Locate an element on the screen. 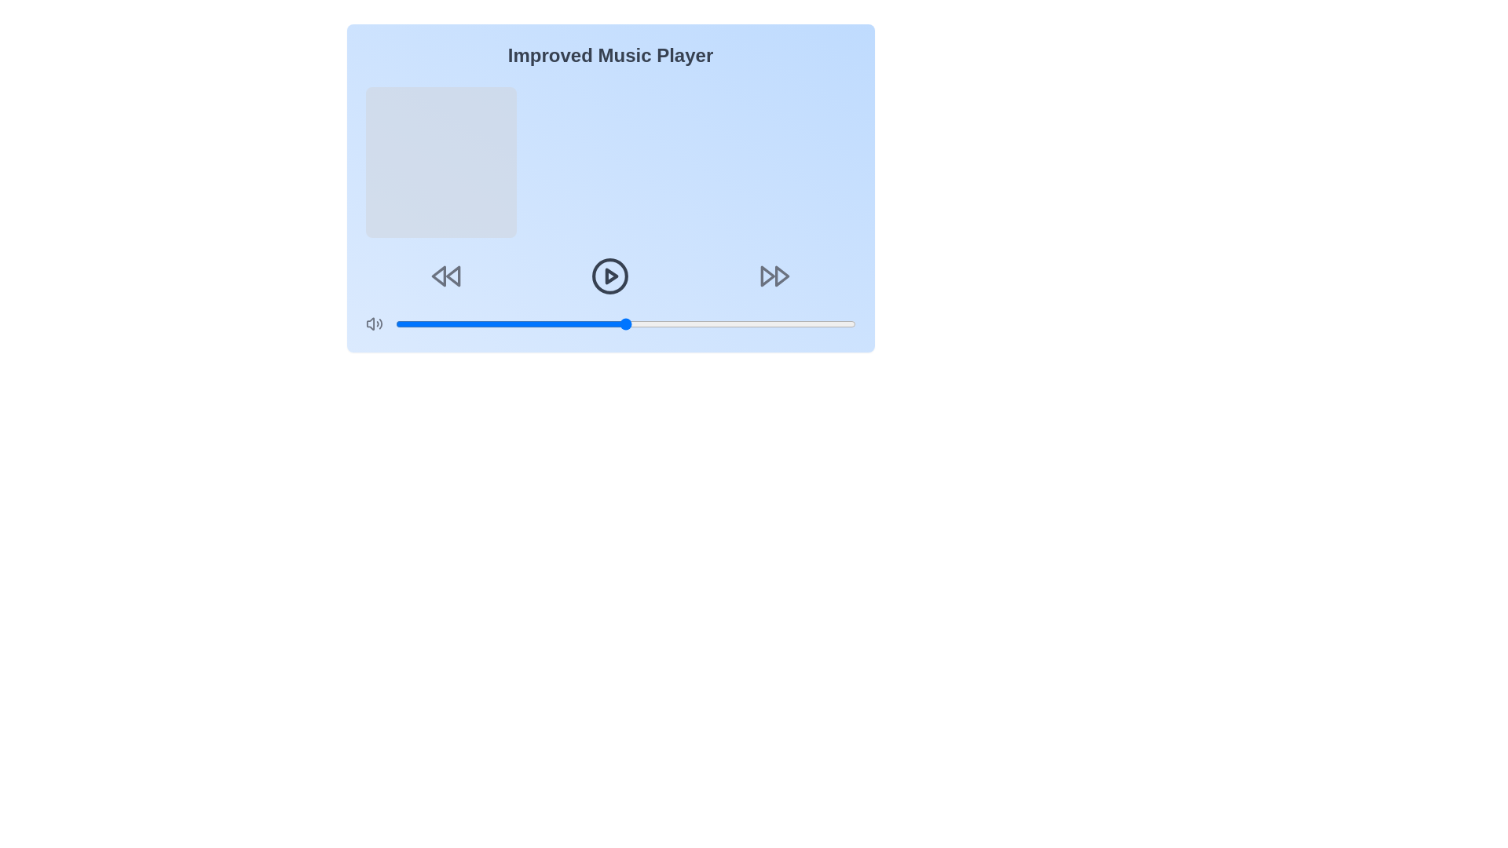 The width and height of the screenshot is (1508, 848). the slider value is located at coordinates (463, 323).